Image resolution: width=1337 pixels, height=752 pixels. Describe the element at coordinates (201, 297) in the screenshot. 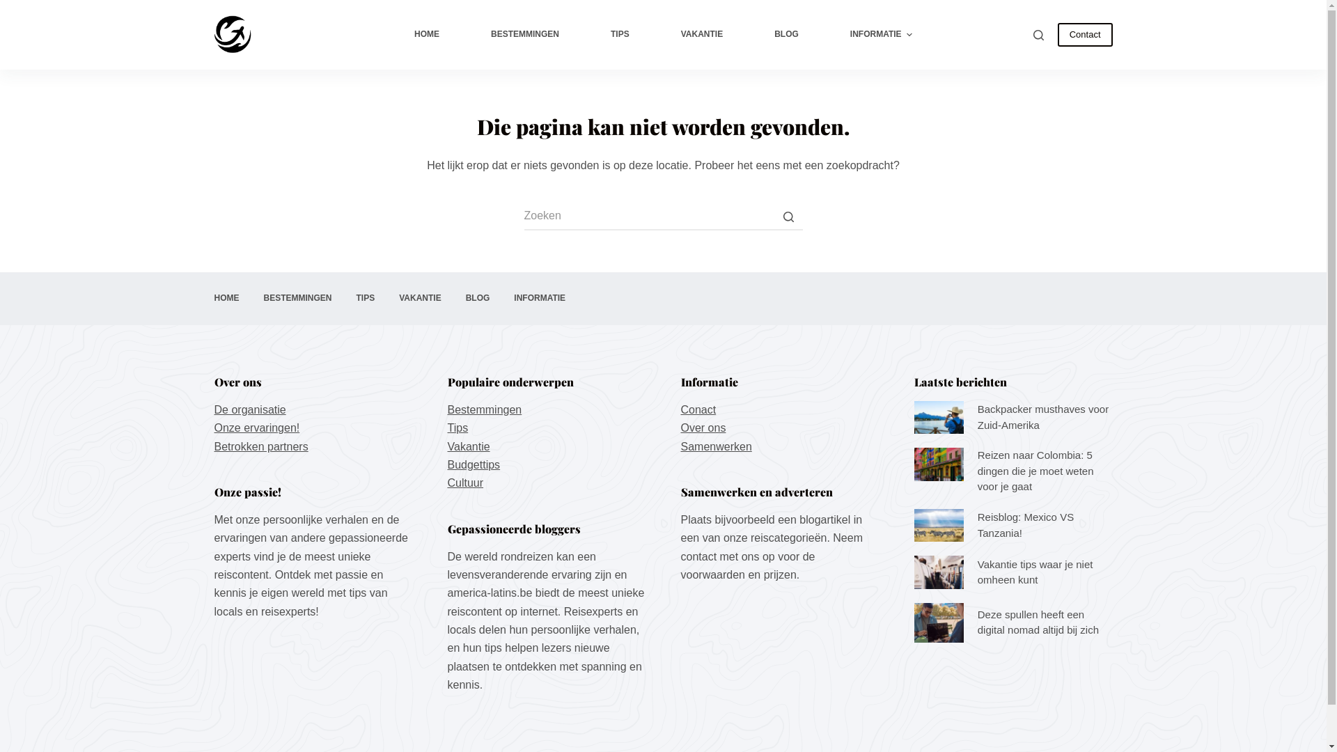

I see `'HOME'` at that location.